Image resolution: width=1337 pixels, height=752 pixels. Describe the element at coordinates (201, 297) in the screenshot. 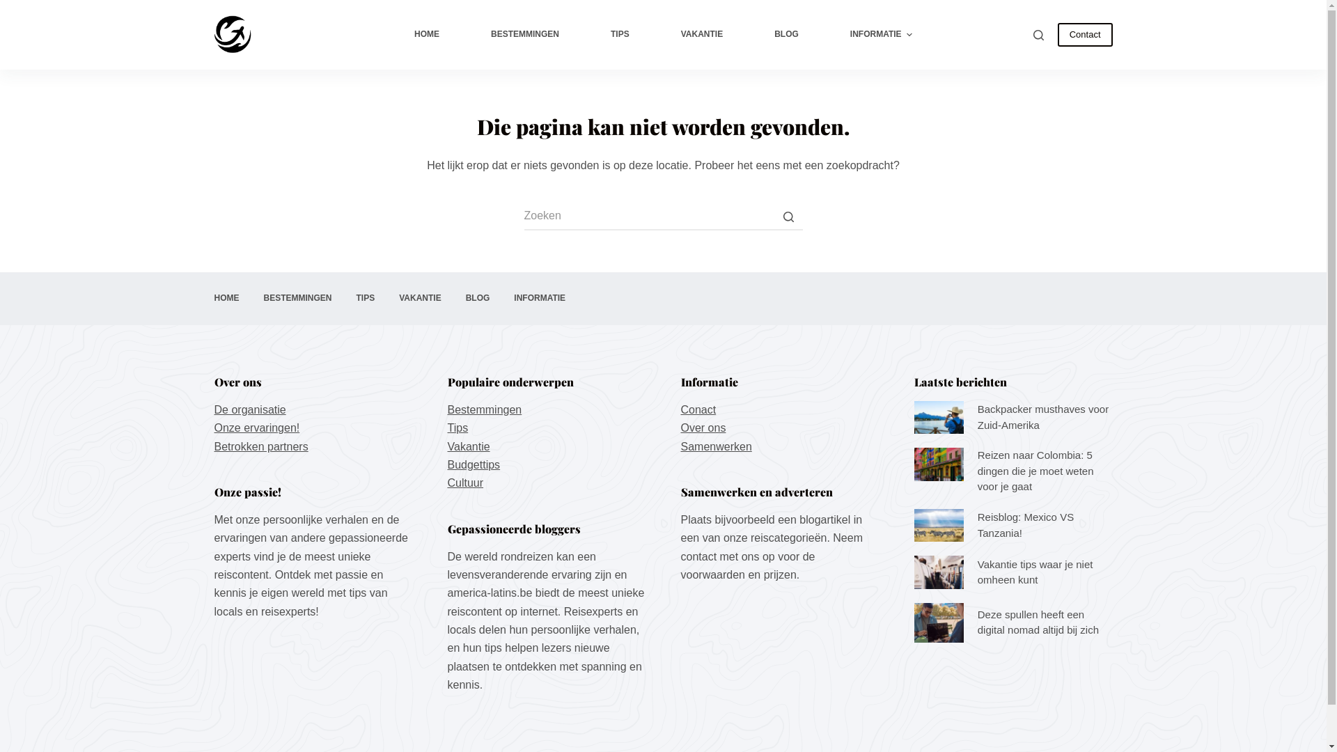

I see `'HOME'` at that location.